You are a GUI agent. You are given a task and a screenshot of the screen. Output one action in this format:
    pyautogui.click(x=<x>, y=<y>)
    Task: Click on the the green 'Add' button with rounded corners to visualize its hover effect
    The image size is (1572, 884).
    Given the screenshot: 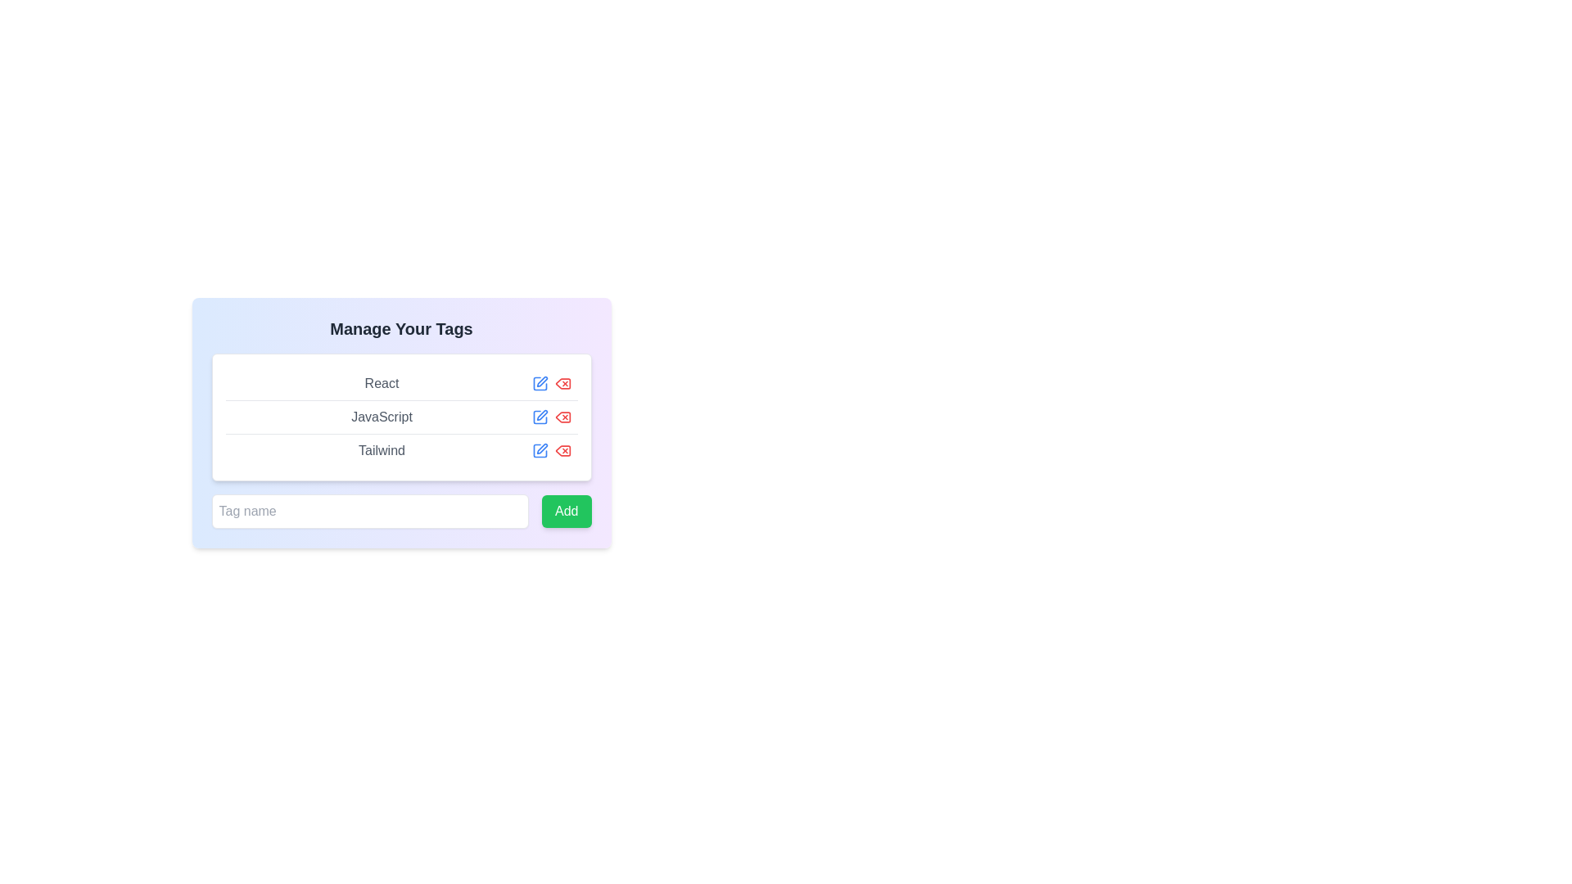 What is the action you would take?
    pyautogui.click(x=567, y=510)
    